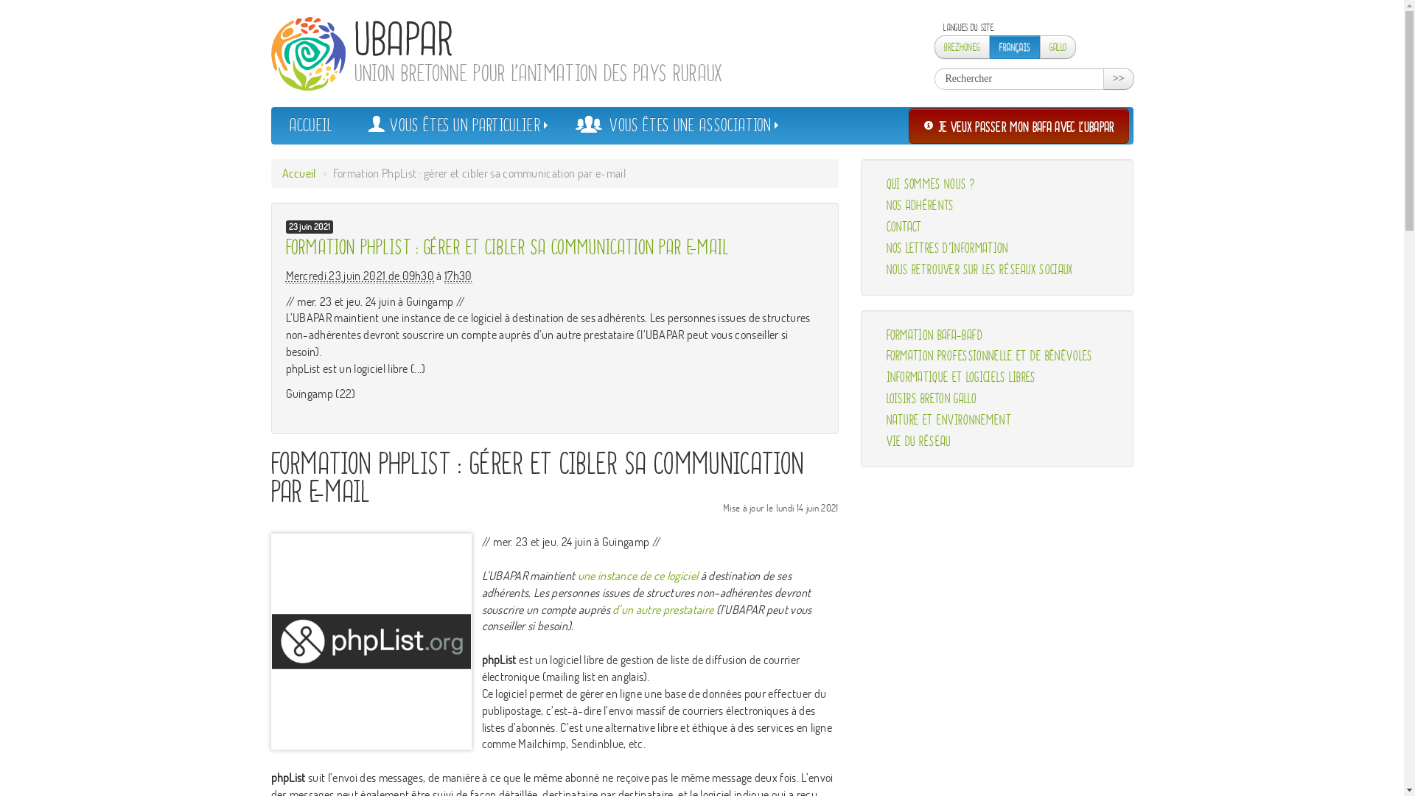 Image resolution: width=1415 pixels, height=796 pixels. I want to click on 'BREZHONEG', so click(962, 46).